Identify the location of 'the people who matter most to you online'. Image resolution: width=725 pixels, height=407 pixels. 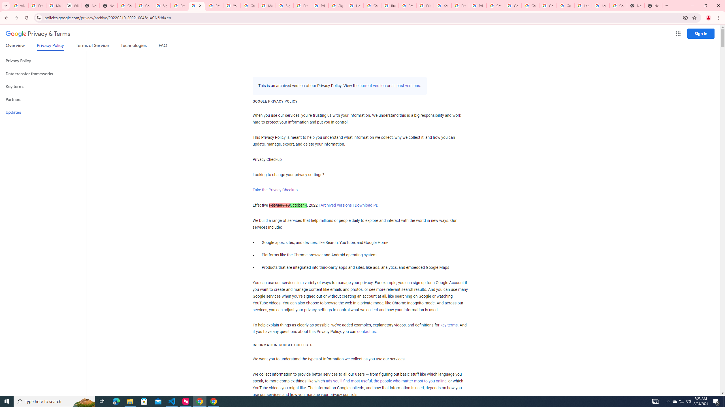
(410, 381).